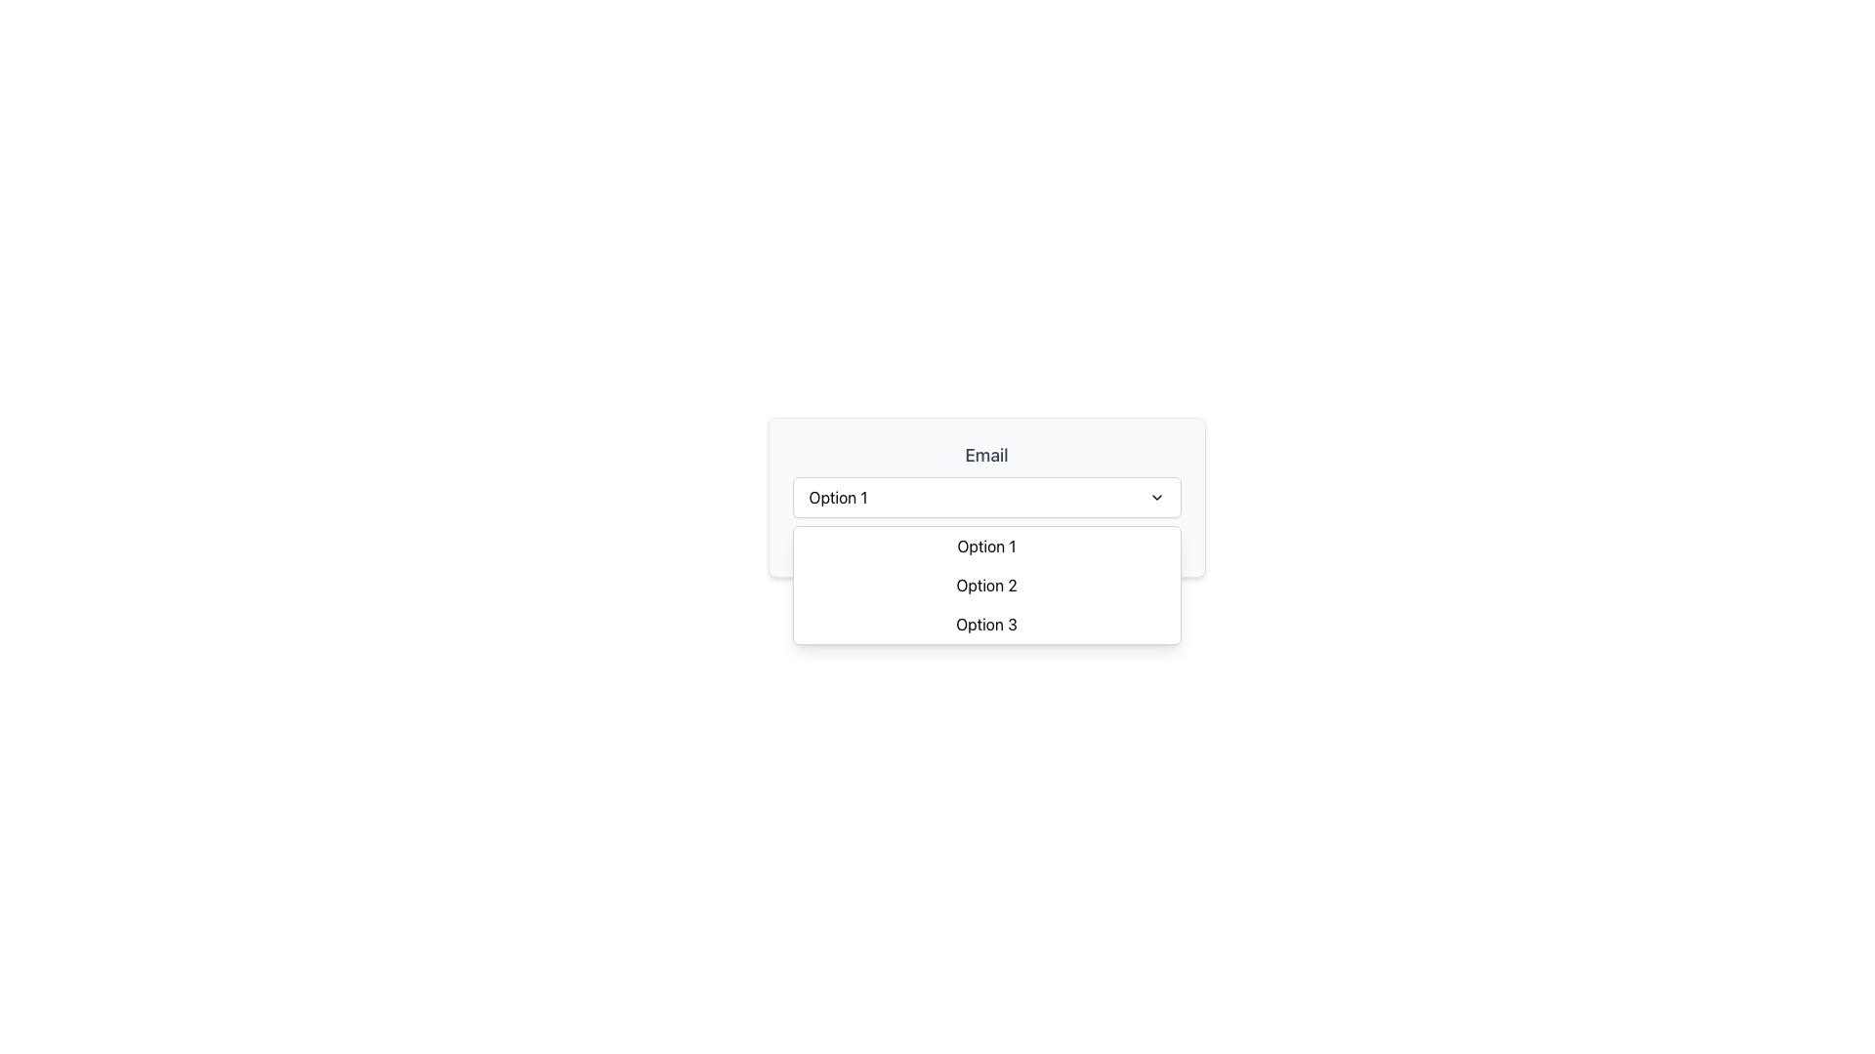 Image resolution: width=1875 pixels, height=1054 pixels. Describe the element at coordinates (986, 585) in the screenshot. I see `the second item labeled 'Option 2' in the dropdown menu` at that location.